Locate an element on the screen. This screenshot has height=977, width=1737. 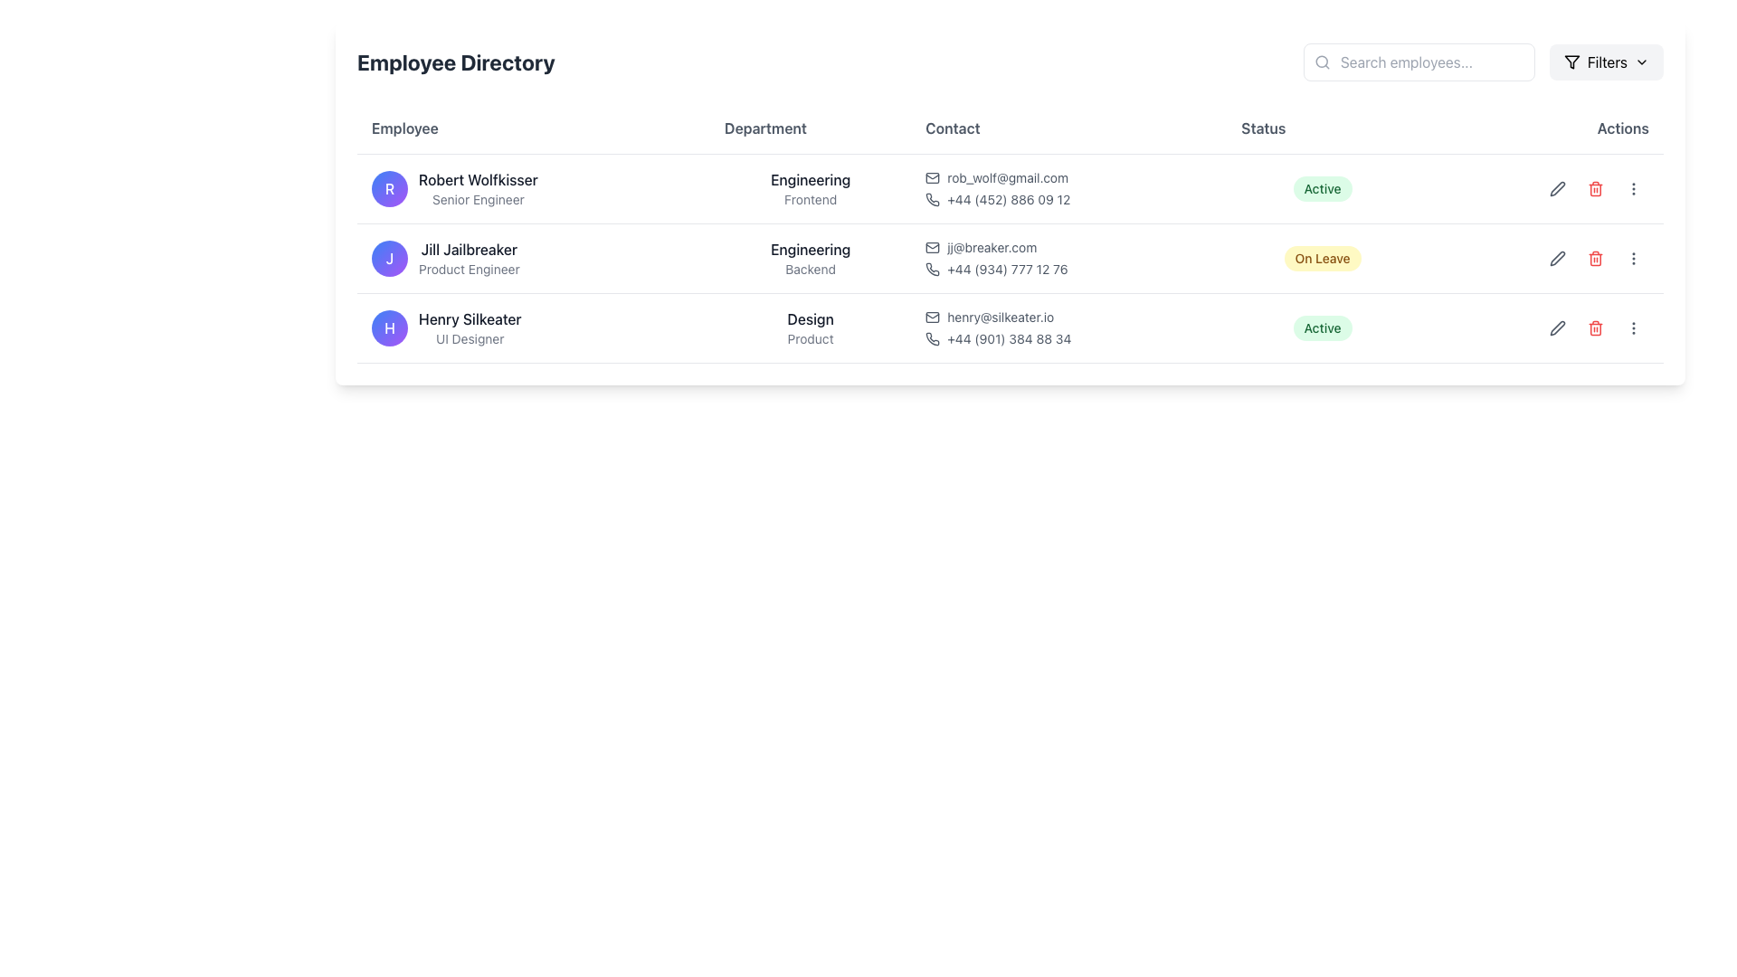
text displayed in the second item under the 'Department' column, which corresponds to the employee 'Jill Jailbreaker' in the employee directory is located at coordinates (810, 258).